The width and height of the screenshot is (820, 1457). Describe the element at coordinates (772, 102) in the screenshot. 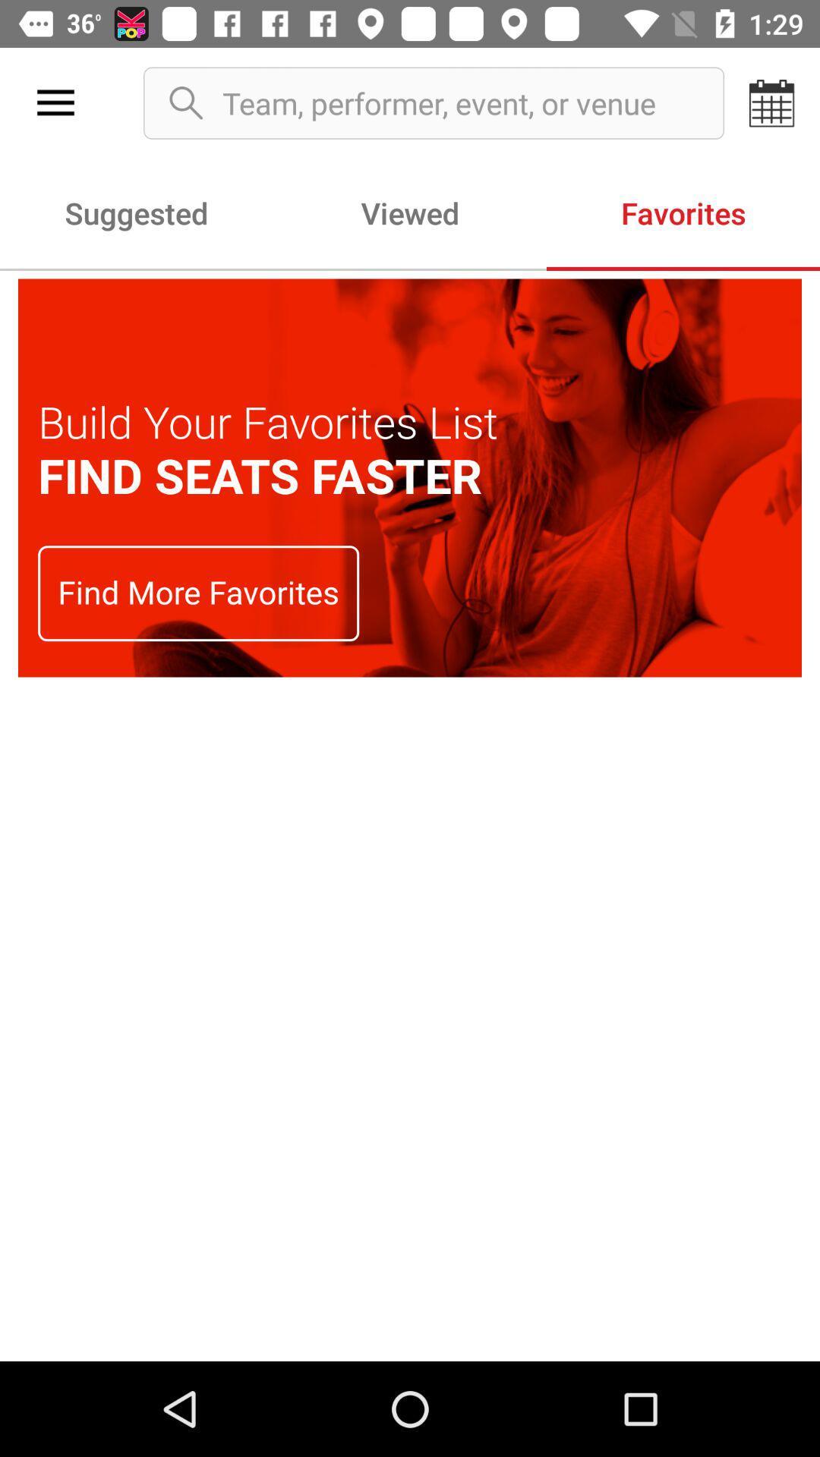

I see `the item above favorites` at that location.